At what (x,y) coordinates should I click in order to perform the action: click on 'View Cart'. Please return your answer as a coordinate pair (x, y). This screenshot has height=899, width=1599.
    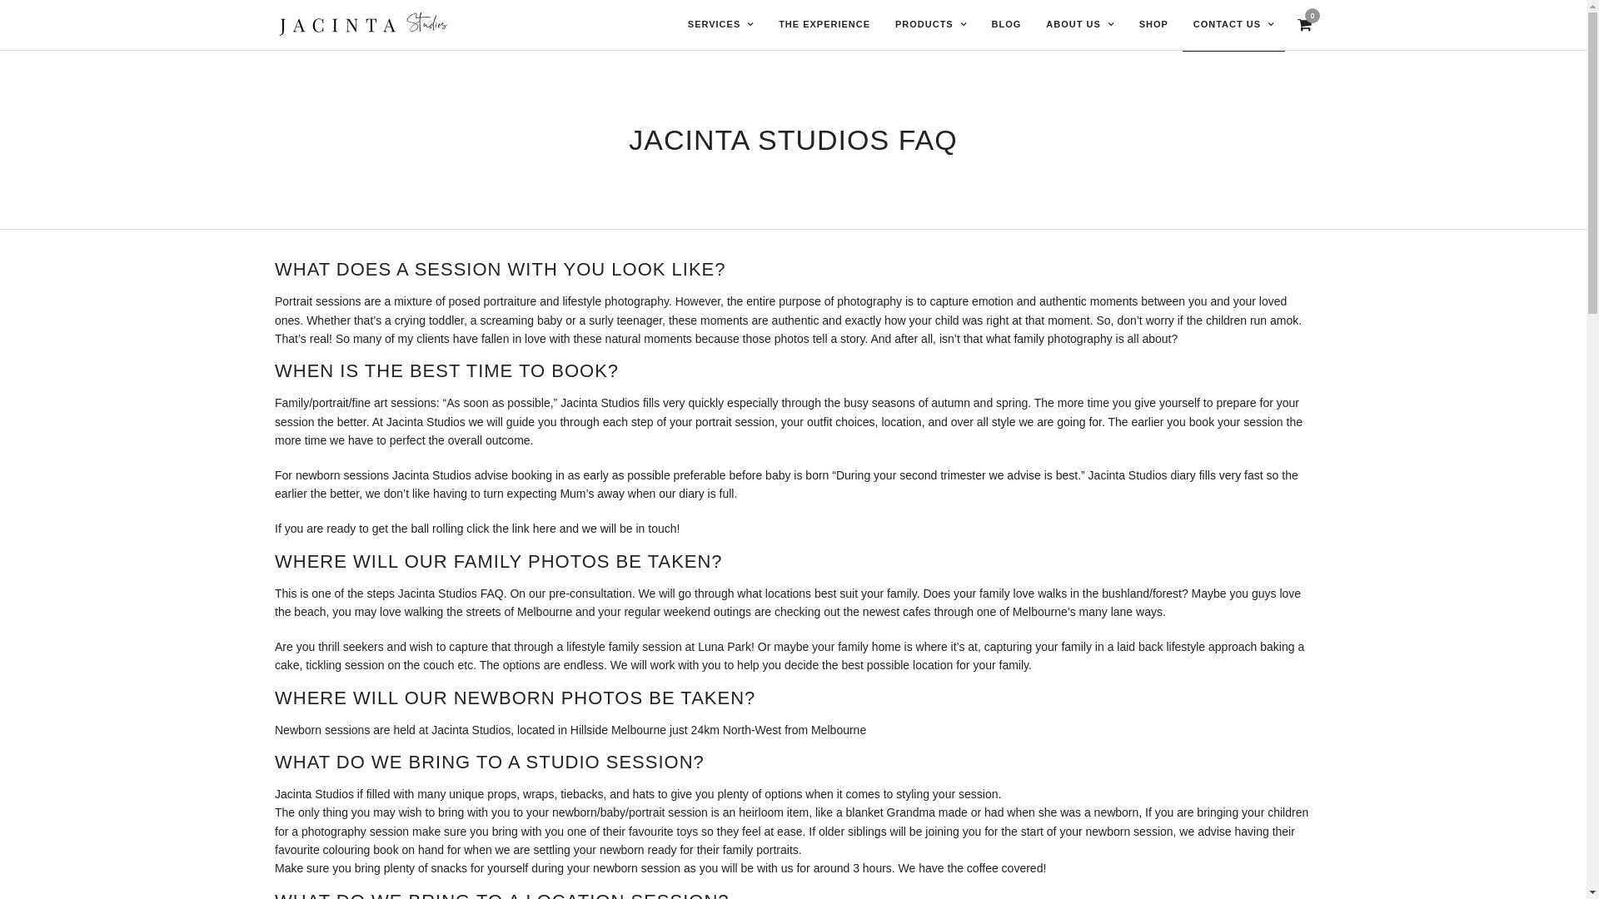
    Looking at the image, I should click on (1303, 25).